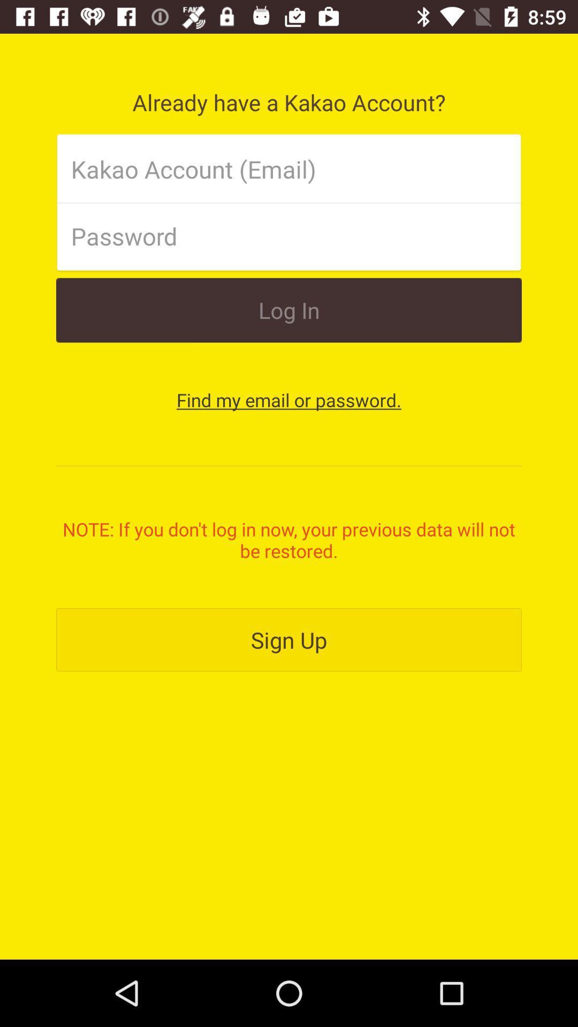 The image size is (578, 1027). What do you see at coordinates (289, 399) in the screenshot?
I see `the button below log in` at bounding box center [289, 399].